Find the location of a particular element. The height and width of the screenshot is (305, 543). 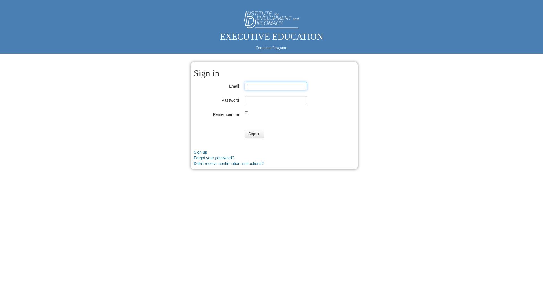

'Sign in' is located at coordinates (244, 134).